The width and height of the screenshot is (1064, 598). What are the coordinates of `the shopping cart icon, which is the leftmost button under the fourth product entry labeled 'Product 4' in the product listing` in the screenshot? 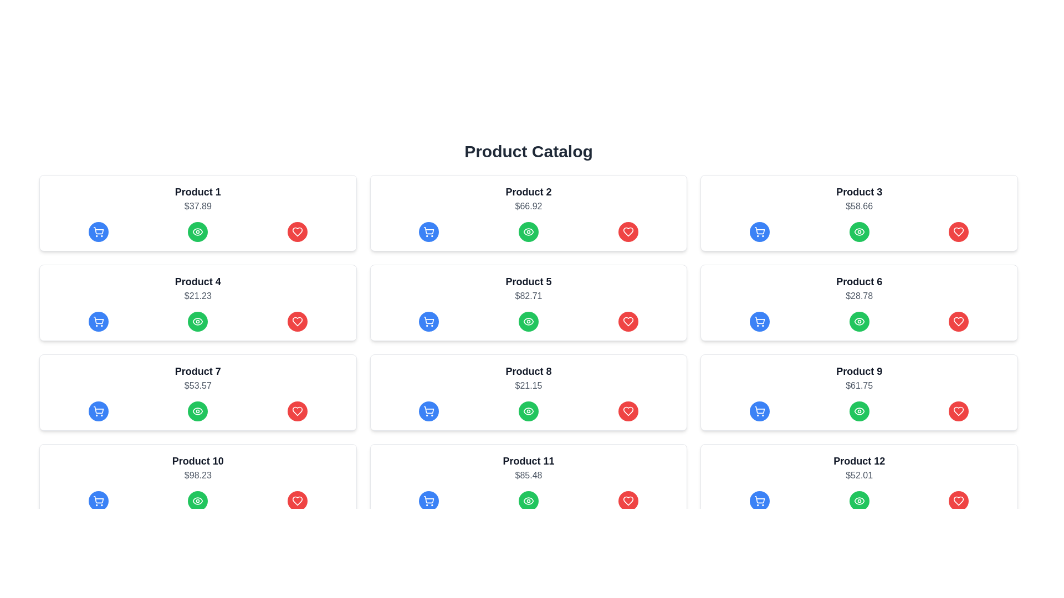 It's located at (98, 320).